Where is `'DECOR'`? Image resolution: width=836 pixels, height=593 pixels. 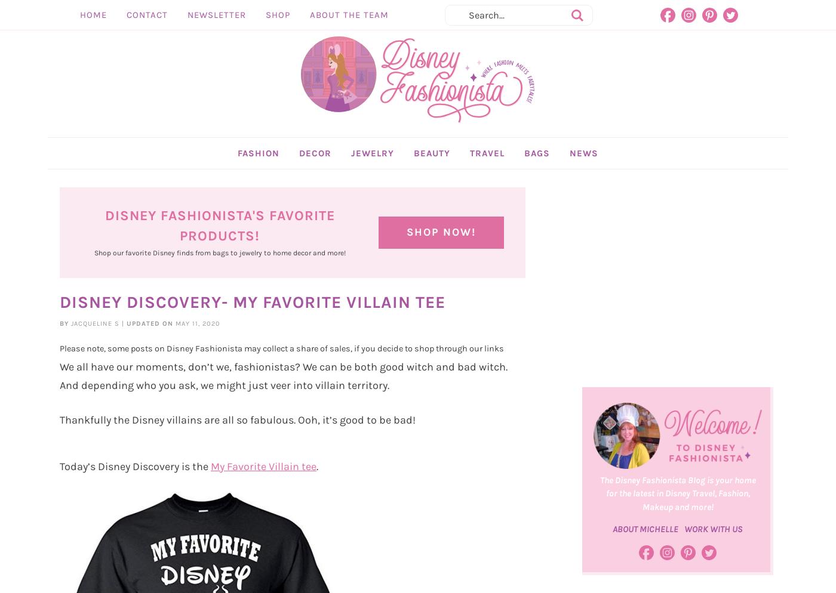
'DECOR' is located at coordinates (315, 180).